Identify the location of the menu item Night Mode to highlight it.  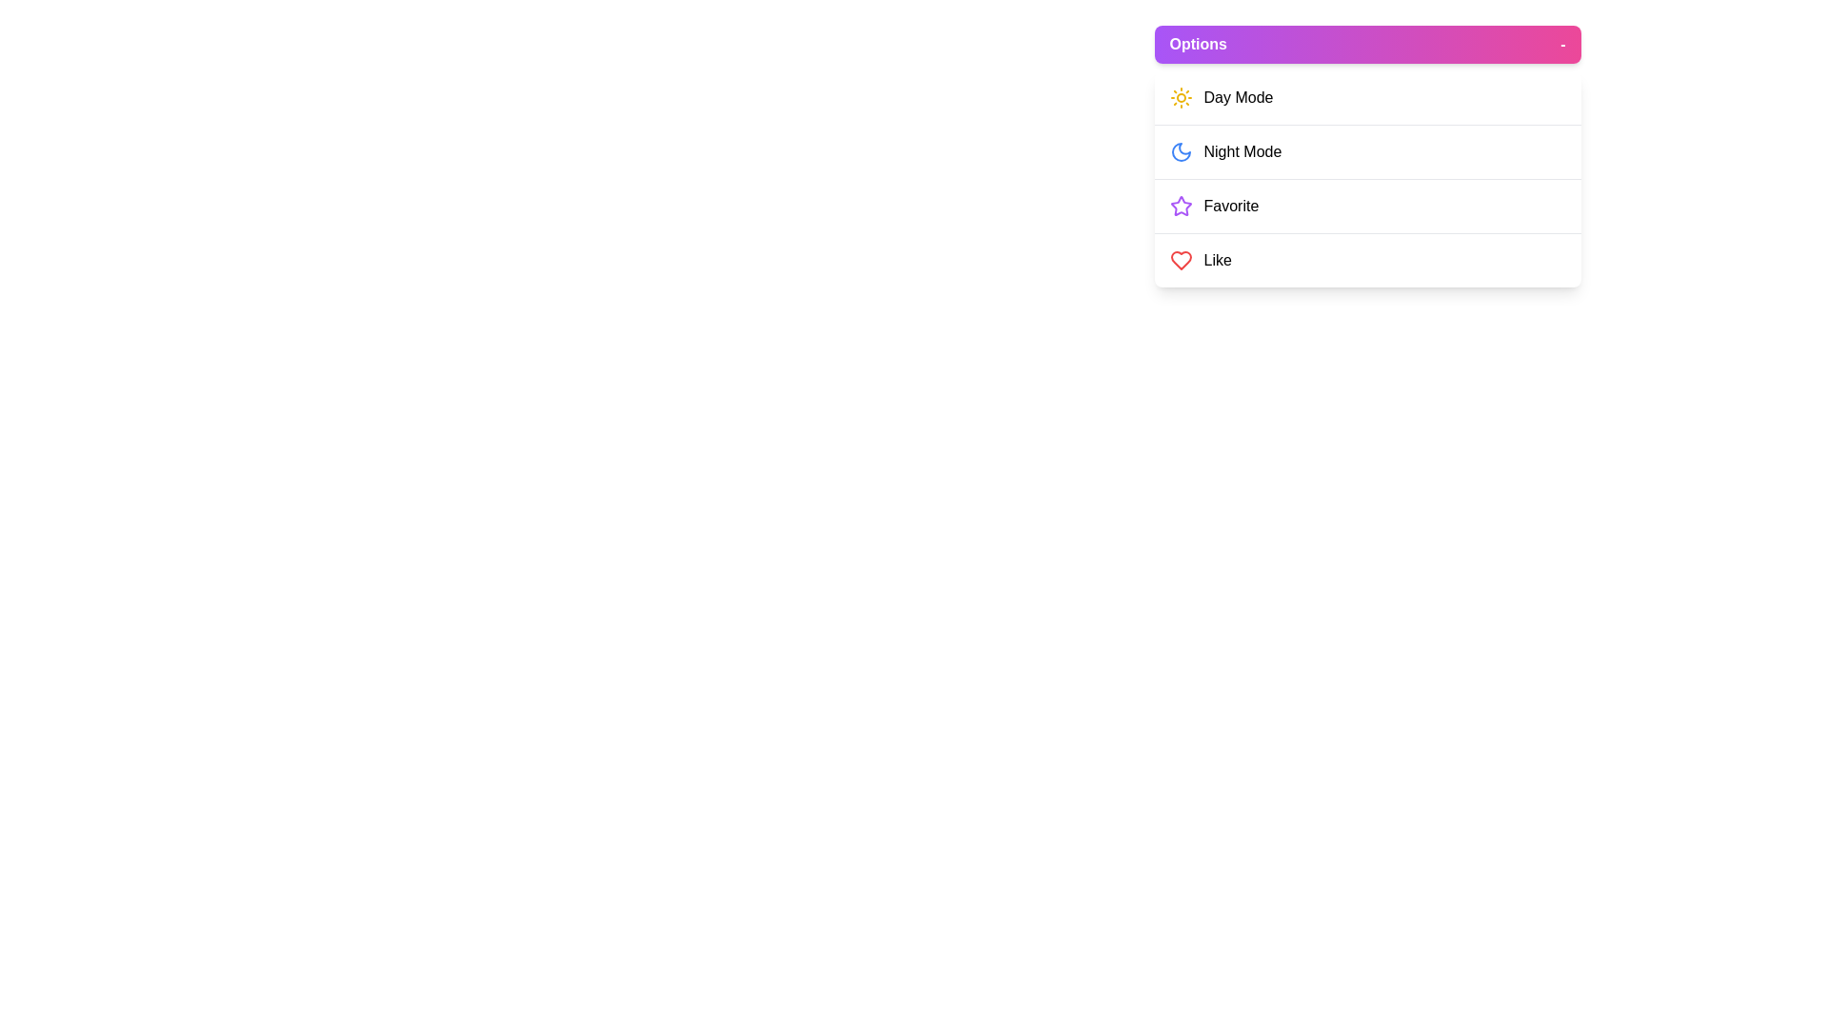
(1366, 150).